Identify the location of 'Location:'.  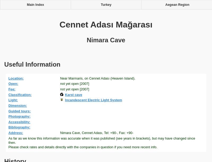
(16, 78).